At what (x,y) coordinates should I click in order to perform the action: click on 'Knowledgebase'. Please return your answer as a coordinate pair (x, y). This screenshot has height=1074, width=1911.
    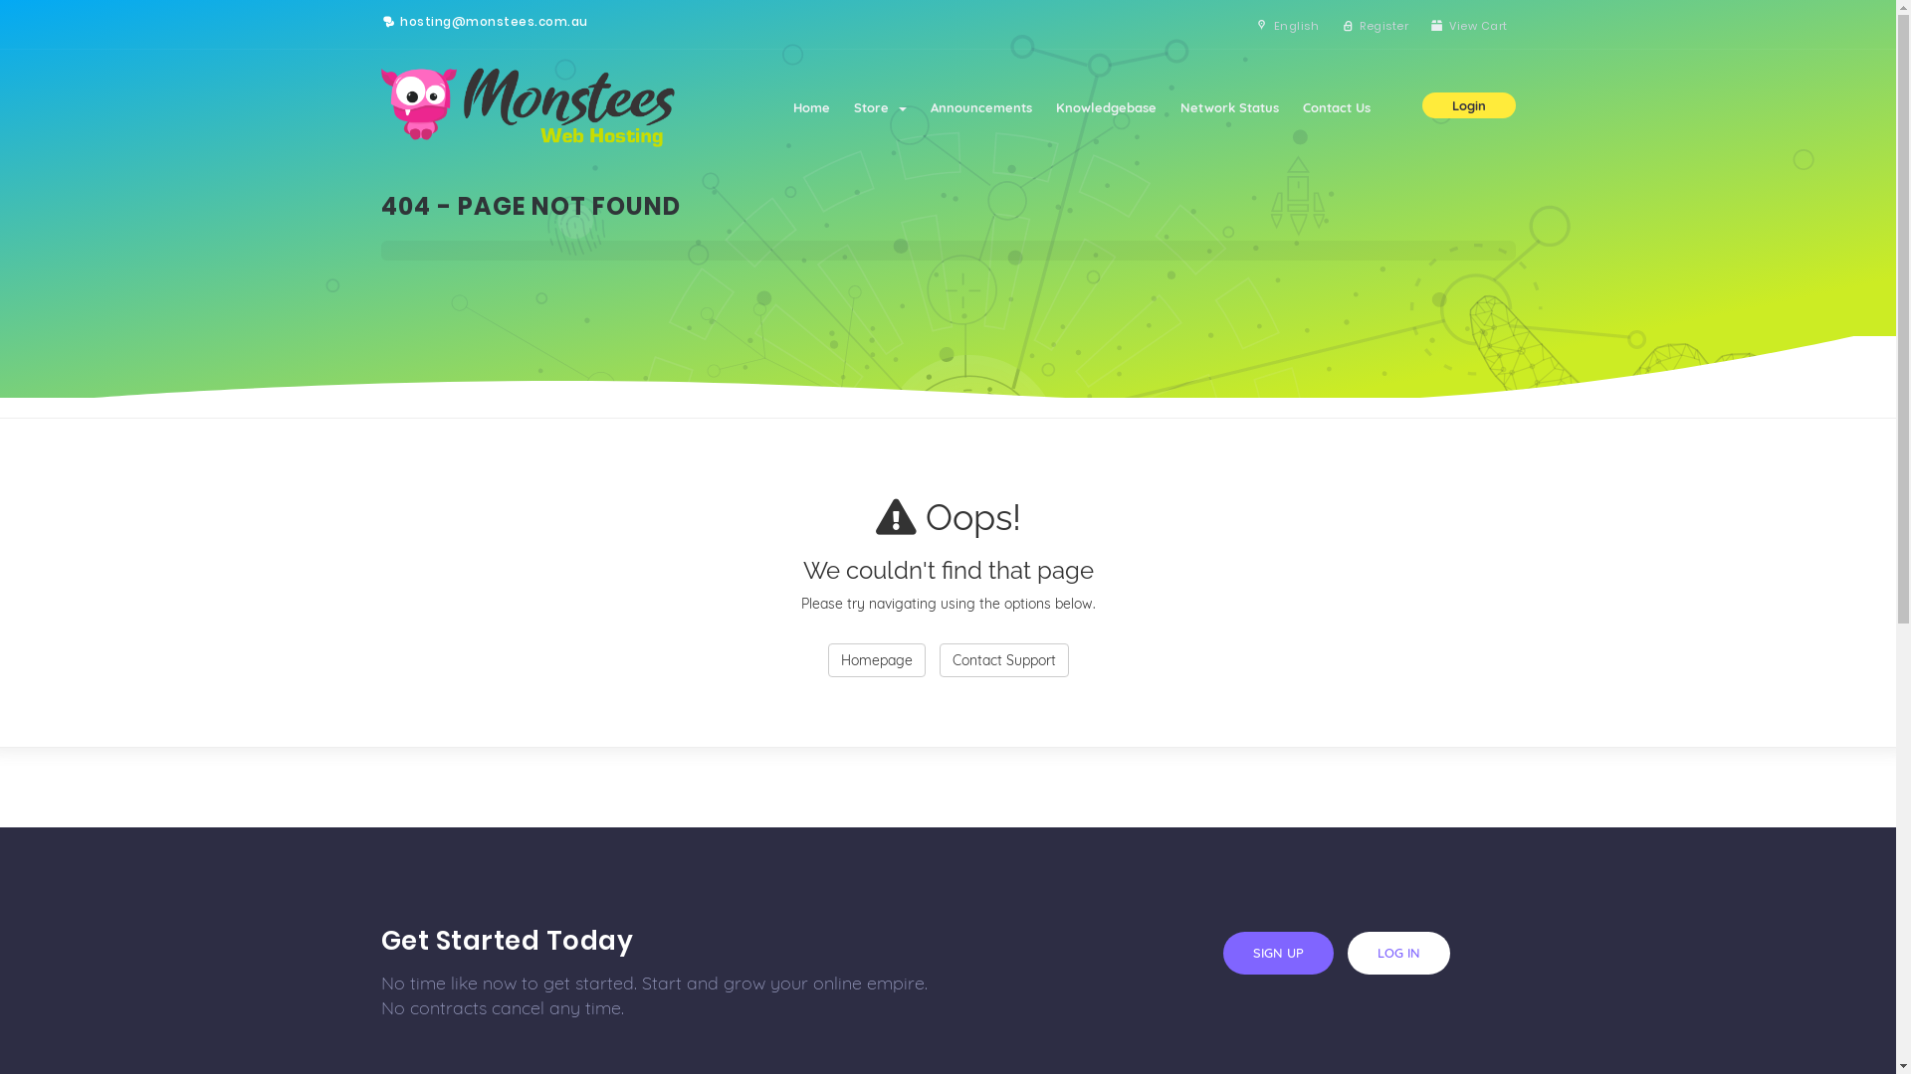
    Looking at the image, I should click on (1104, 107).